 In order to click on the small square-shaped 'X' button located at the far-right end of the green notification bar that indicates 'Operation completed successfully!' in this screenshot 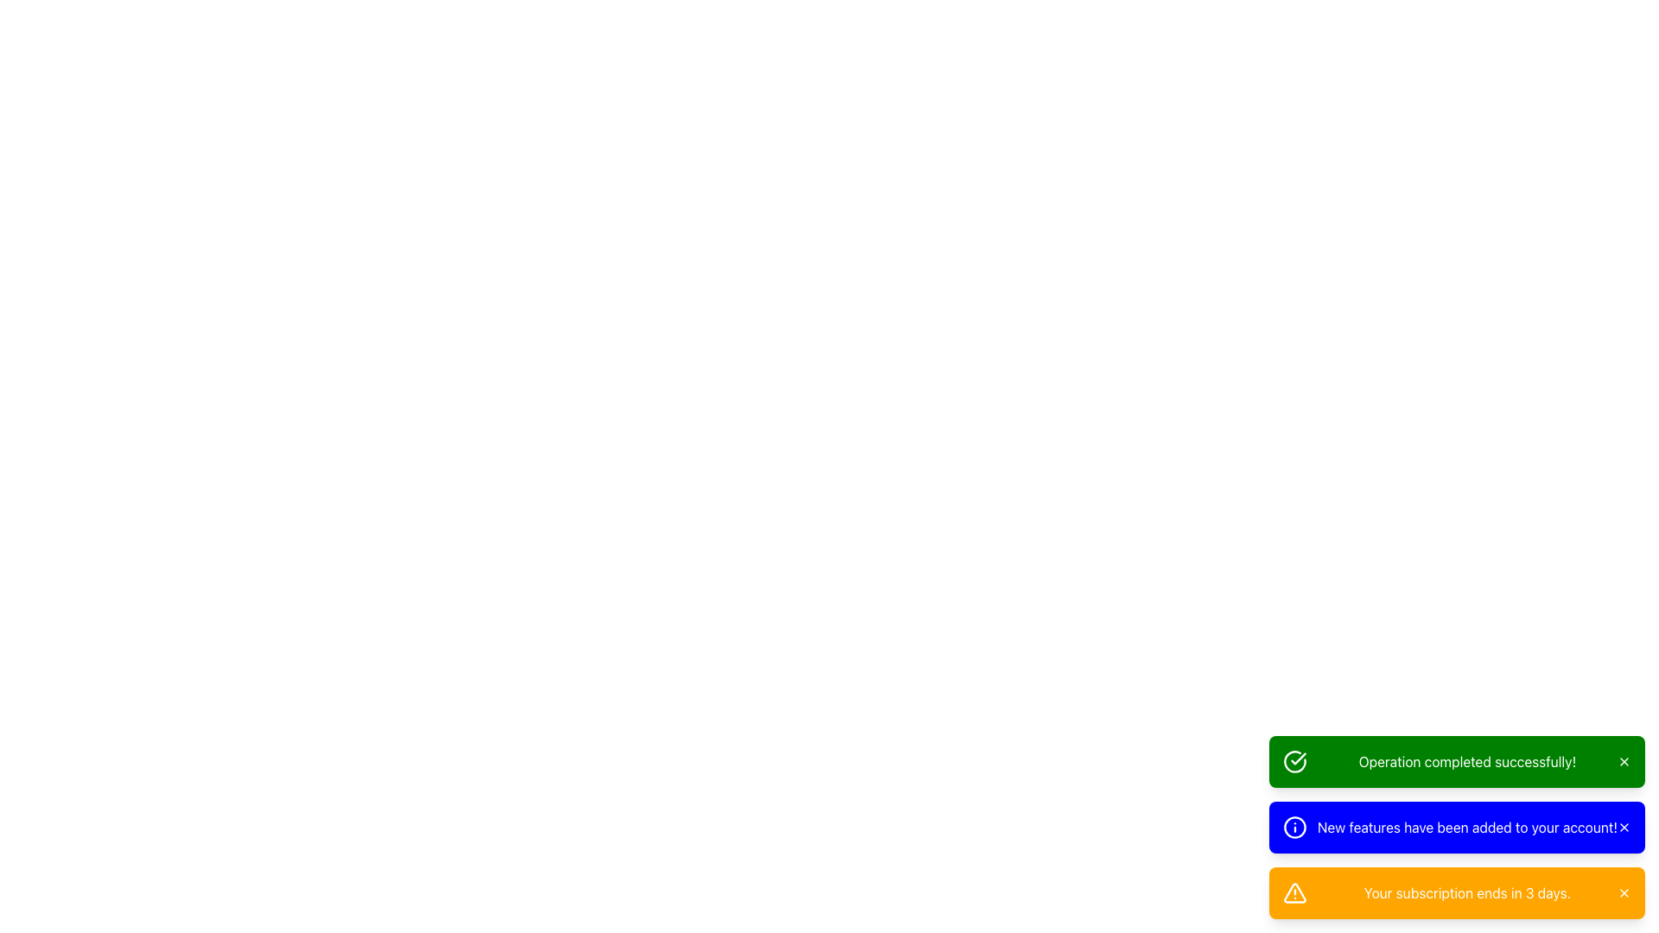, I will do `click(1624, 761)`.